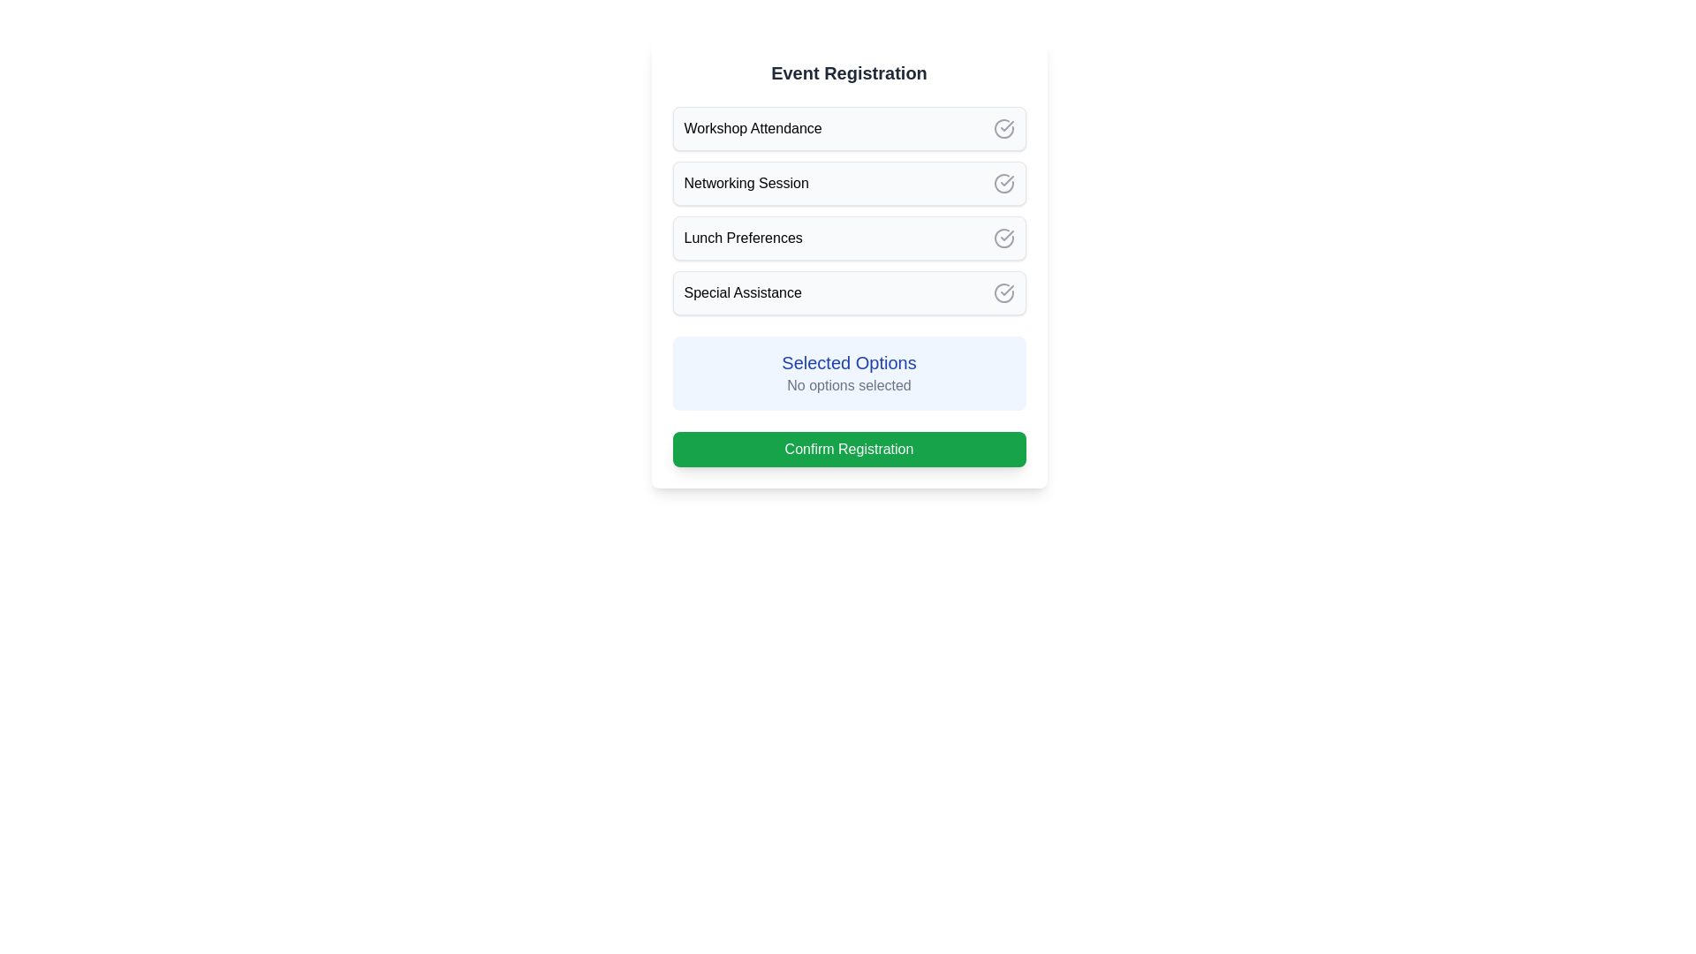 The width and height of the screenshot is (1696, 954). I want to click on the checkmark icon inside the SVG element located to the right of the 'Networking Session' label to interact with its associated functionality, so click(1003, 183).